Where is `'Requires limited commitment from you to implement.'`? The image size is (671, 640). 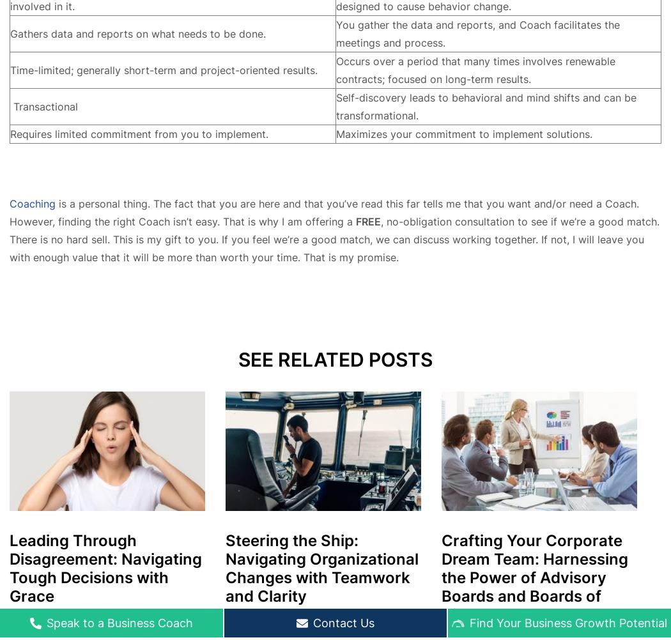 'Requires limited commitment from you to implement.' is located at coordinates (138, 133).